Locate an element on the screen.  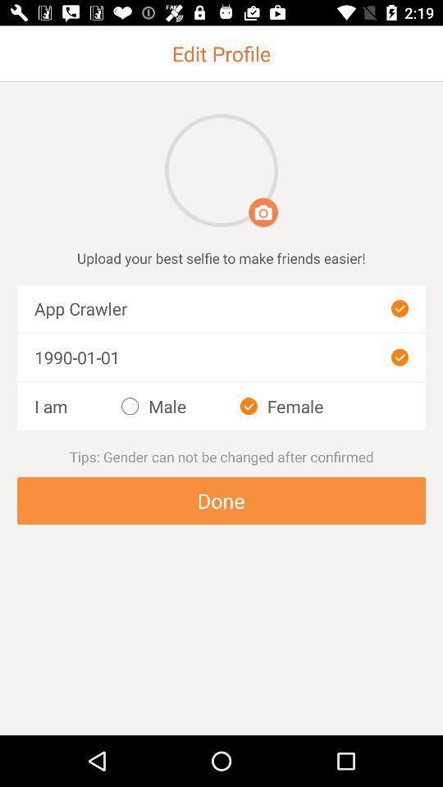
the button done shown at the bottom of the page is located at coordinates (221, 500).